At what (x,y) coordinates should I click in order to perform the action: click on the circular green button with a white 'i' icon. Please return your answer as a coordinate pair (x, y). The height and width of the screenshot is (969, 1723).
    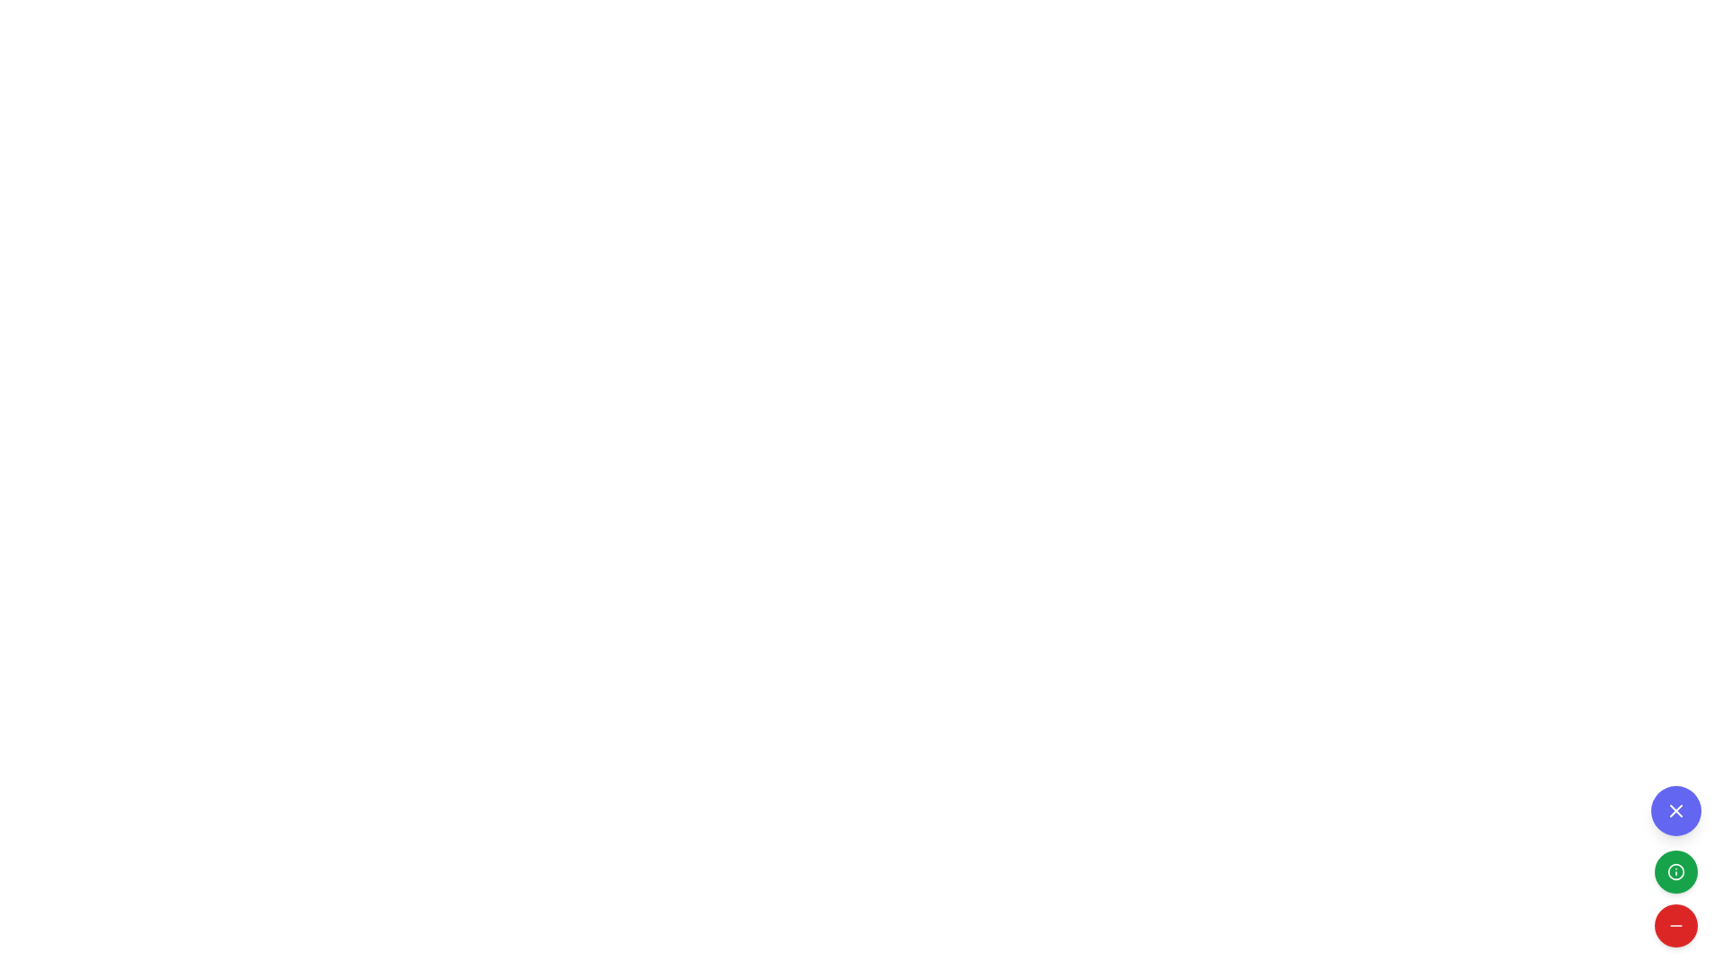
    Looking at the image, I should click on (1675, 865).